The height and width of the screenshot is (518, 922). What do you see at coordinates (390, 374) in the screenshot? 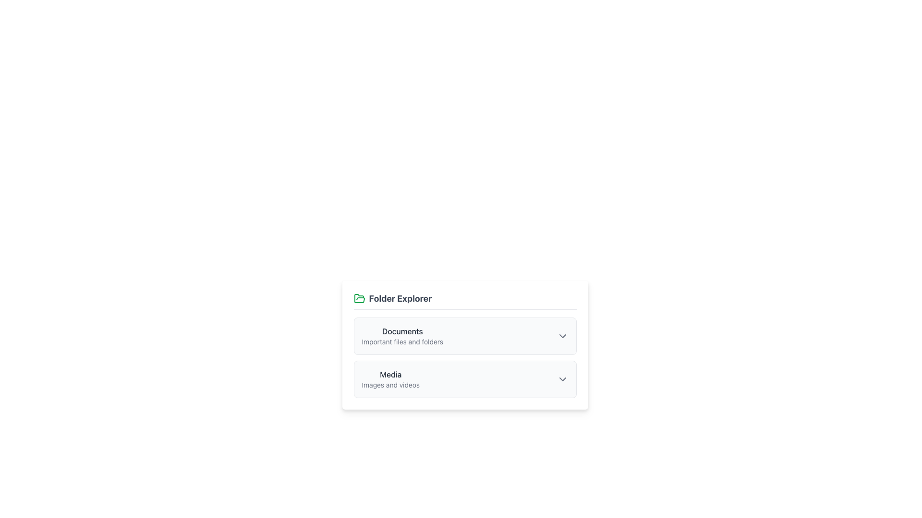
I see `text from the title label in the 'Media' section of the 'Folder Explorer', which directs users to its content or operations related to media files` at bounding box center [390, 374].